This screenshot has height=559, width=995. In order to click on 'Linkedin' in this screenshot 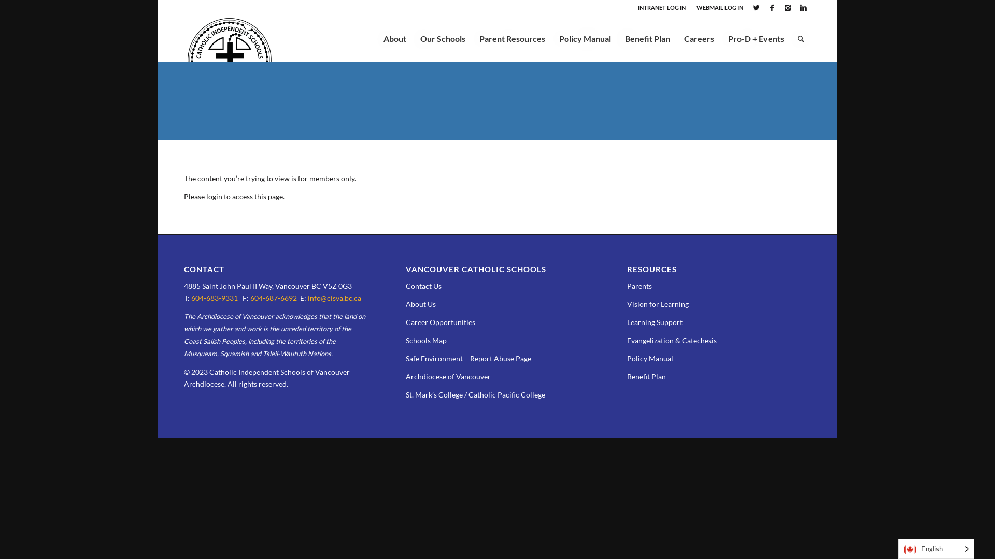, I will do `click(803, 8)`.